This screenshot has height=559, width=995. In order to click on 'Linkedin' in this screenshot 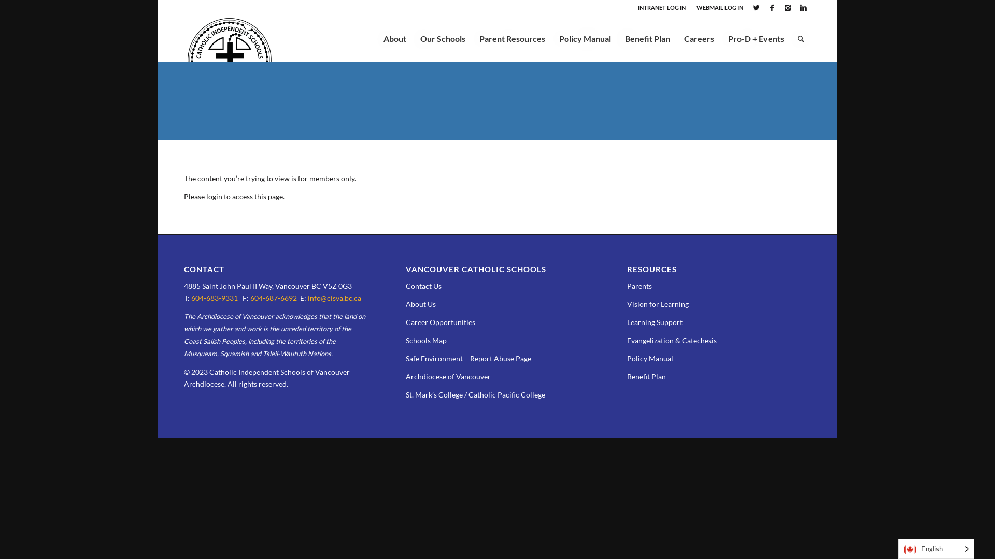, I will do `click(803, 8)`.